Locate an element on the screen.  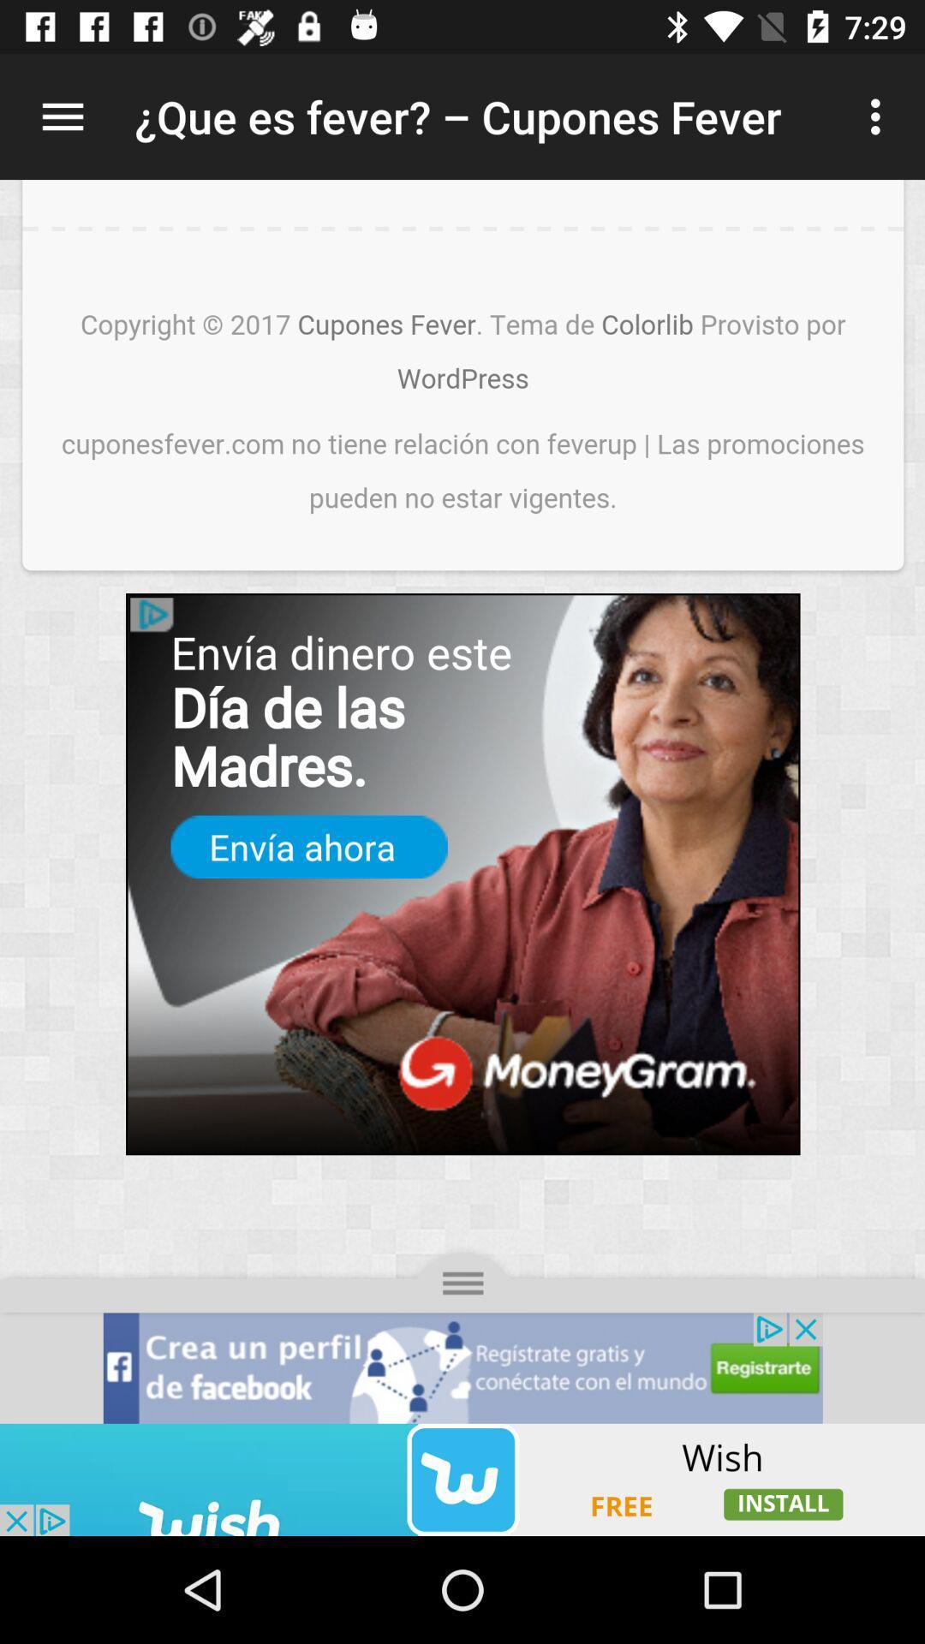
open advertisement is located at coordinates (462, 1479).